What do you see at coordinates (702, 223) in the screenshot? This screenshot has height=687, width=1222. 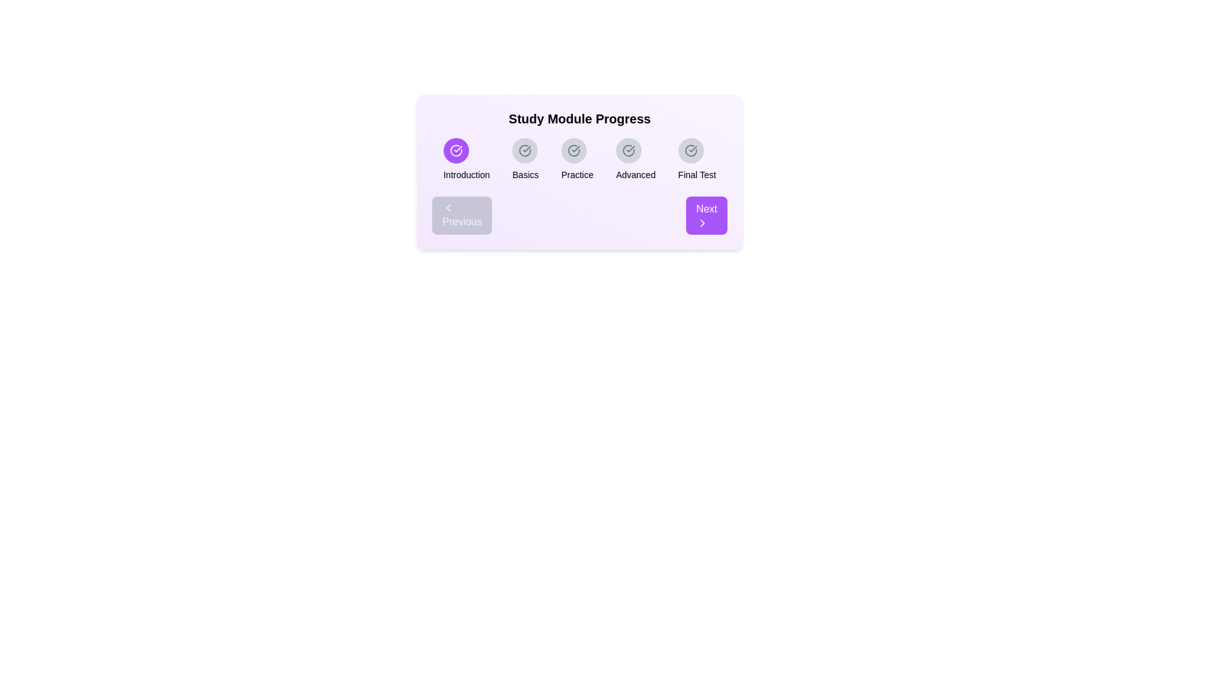 I see `the right-pointing chevron icon located within the purple 'Next' button at the bottom right corner of the card under 'Study Module Progress' to proceed` at bounding box center [702, 223].